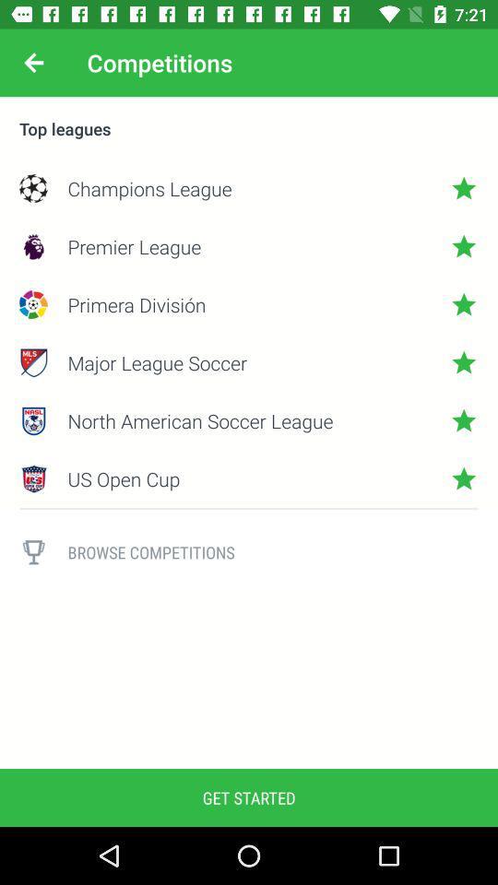 The width and height of the screenshot is (498, 885). I want to click on icon below the top leagues icon, so click(249, 188).